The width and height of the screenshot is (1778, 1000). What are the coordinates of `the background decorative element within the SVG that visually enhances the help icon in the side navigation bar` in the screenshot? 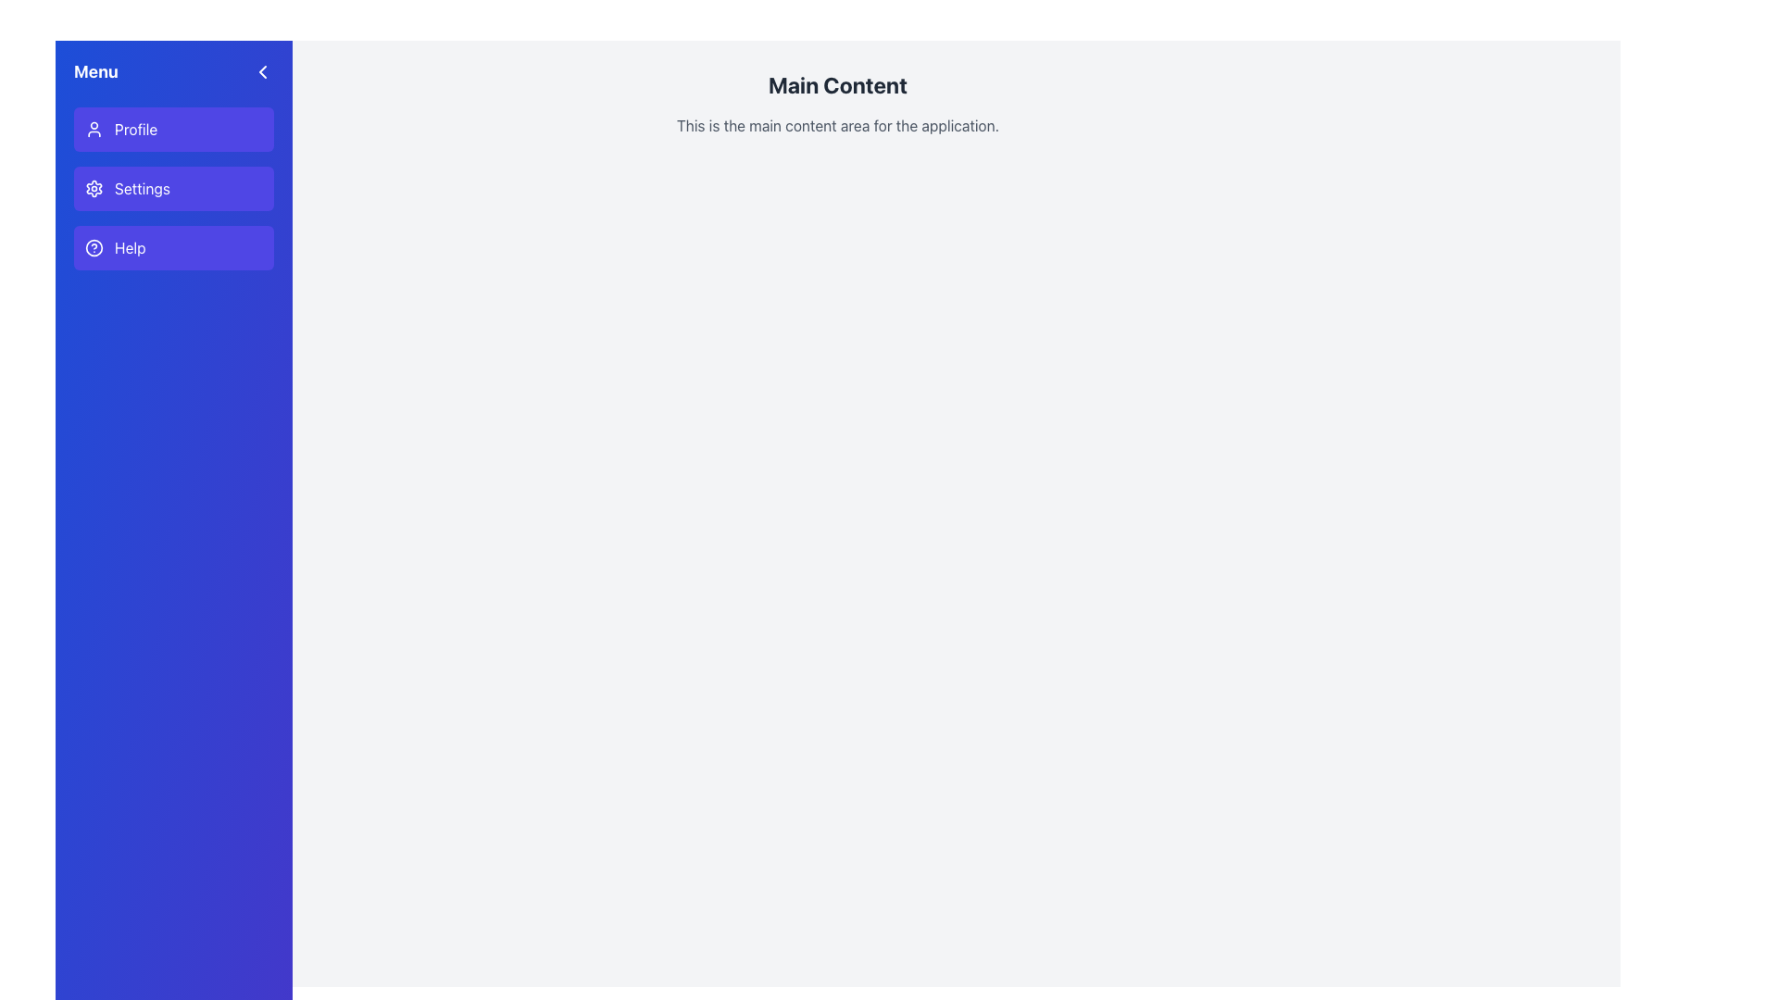 It's located at (93, 246).